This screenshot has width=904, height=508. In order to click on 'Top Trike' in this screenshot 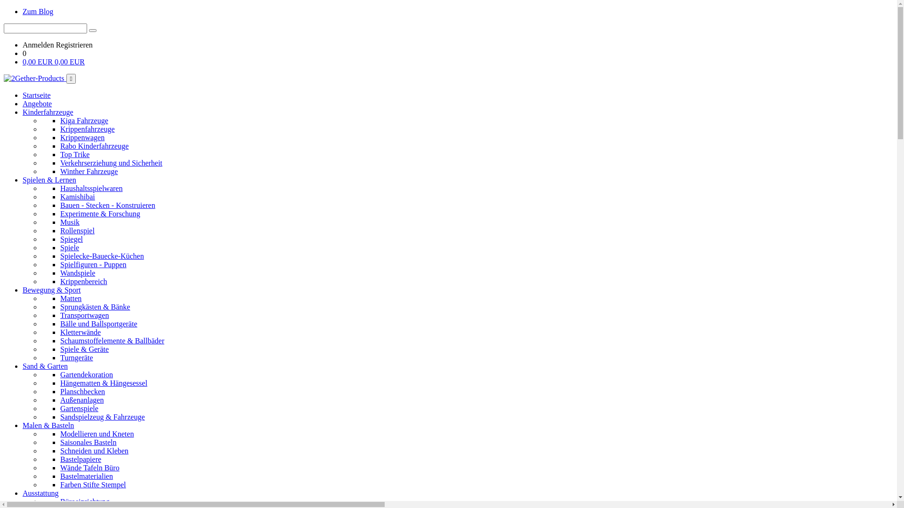, I will do `click(74, 154)`.